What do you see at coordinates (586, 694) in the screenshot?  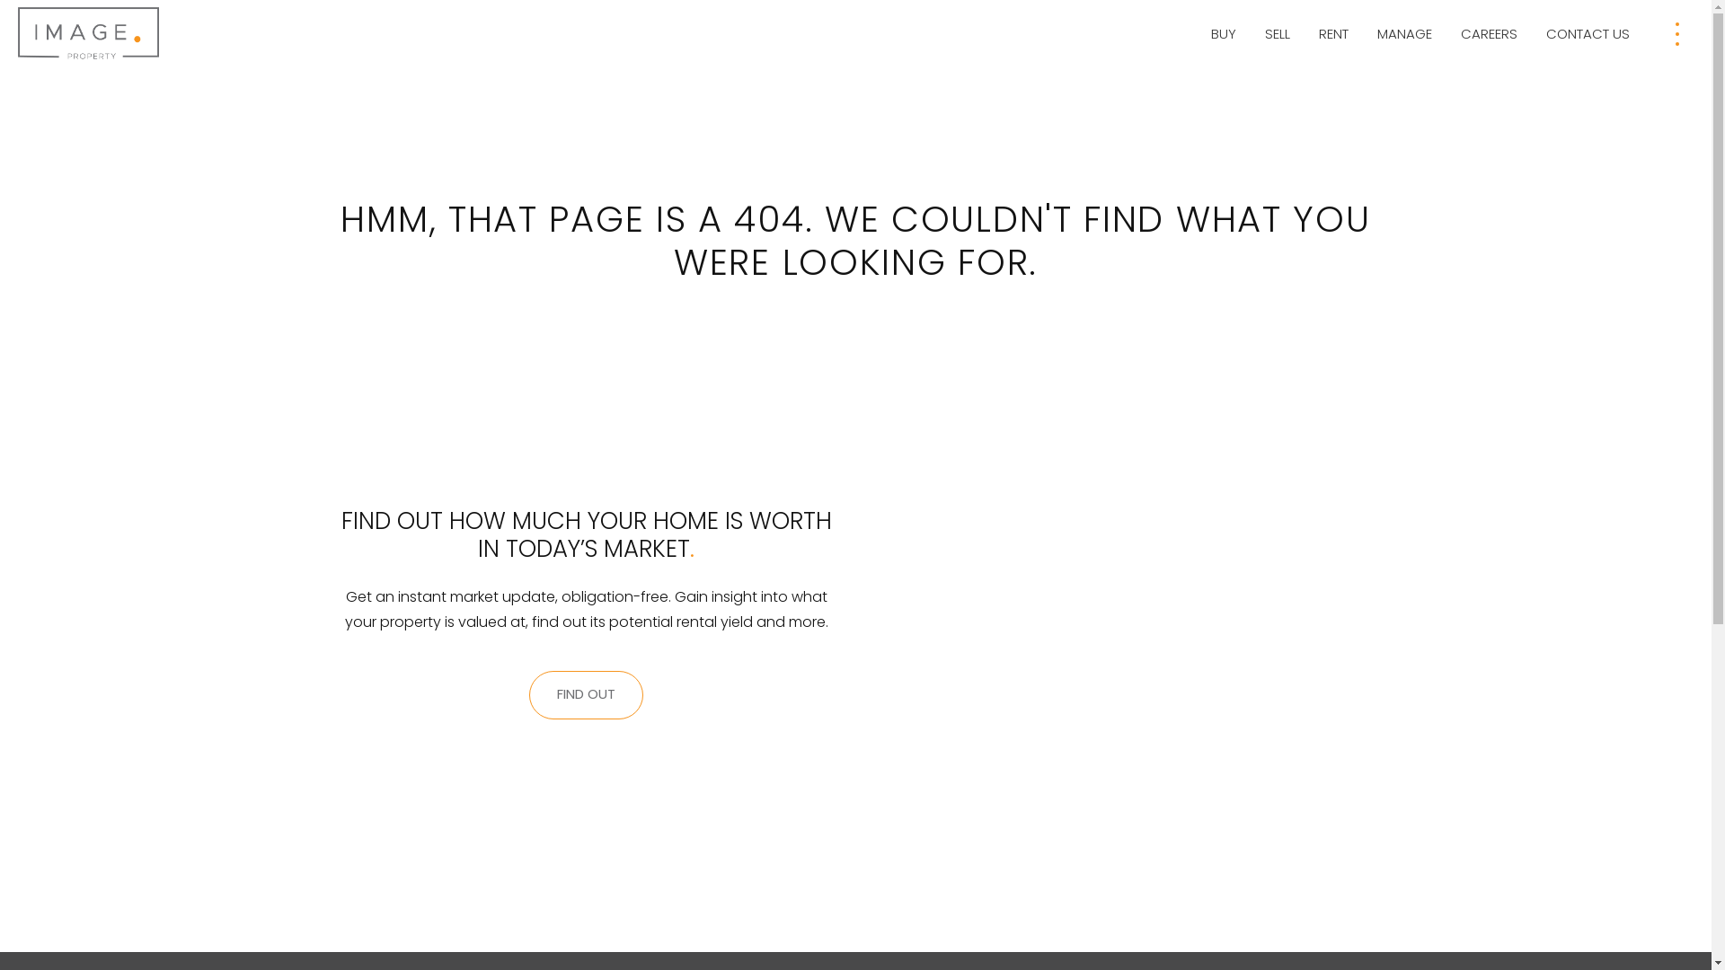 I see `'FIND OUT'` at bounding box center [586, 694].